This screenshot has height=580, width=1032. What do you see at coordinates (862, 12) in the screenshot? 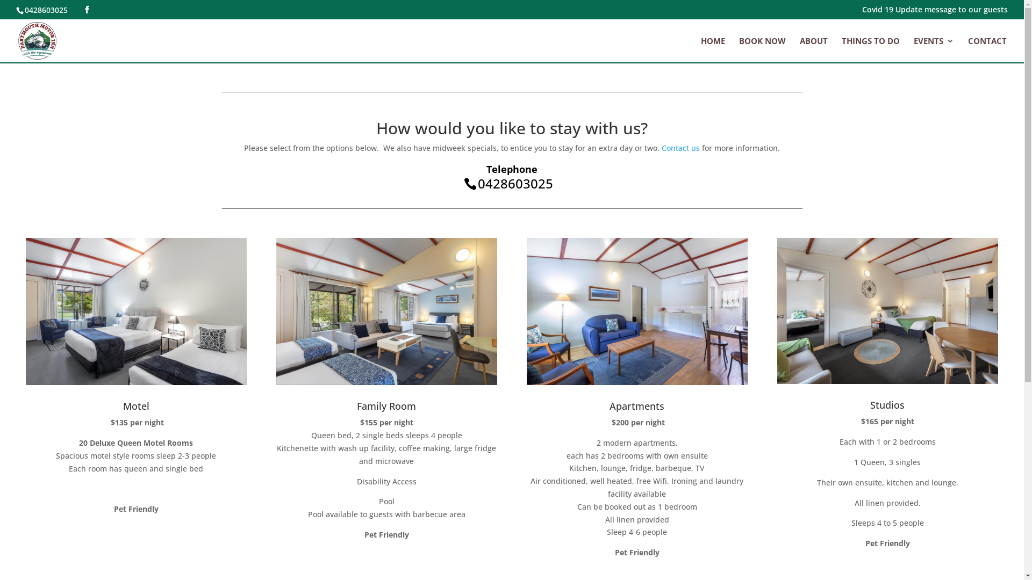
I see `'Covid 19 Update message to our guests'` at bounding box center [862, 12].